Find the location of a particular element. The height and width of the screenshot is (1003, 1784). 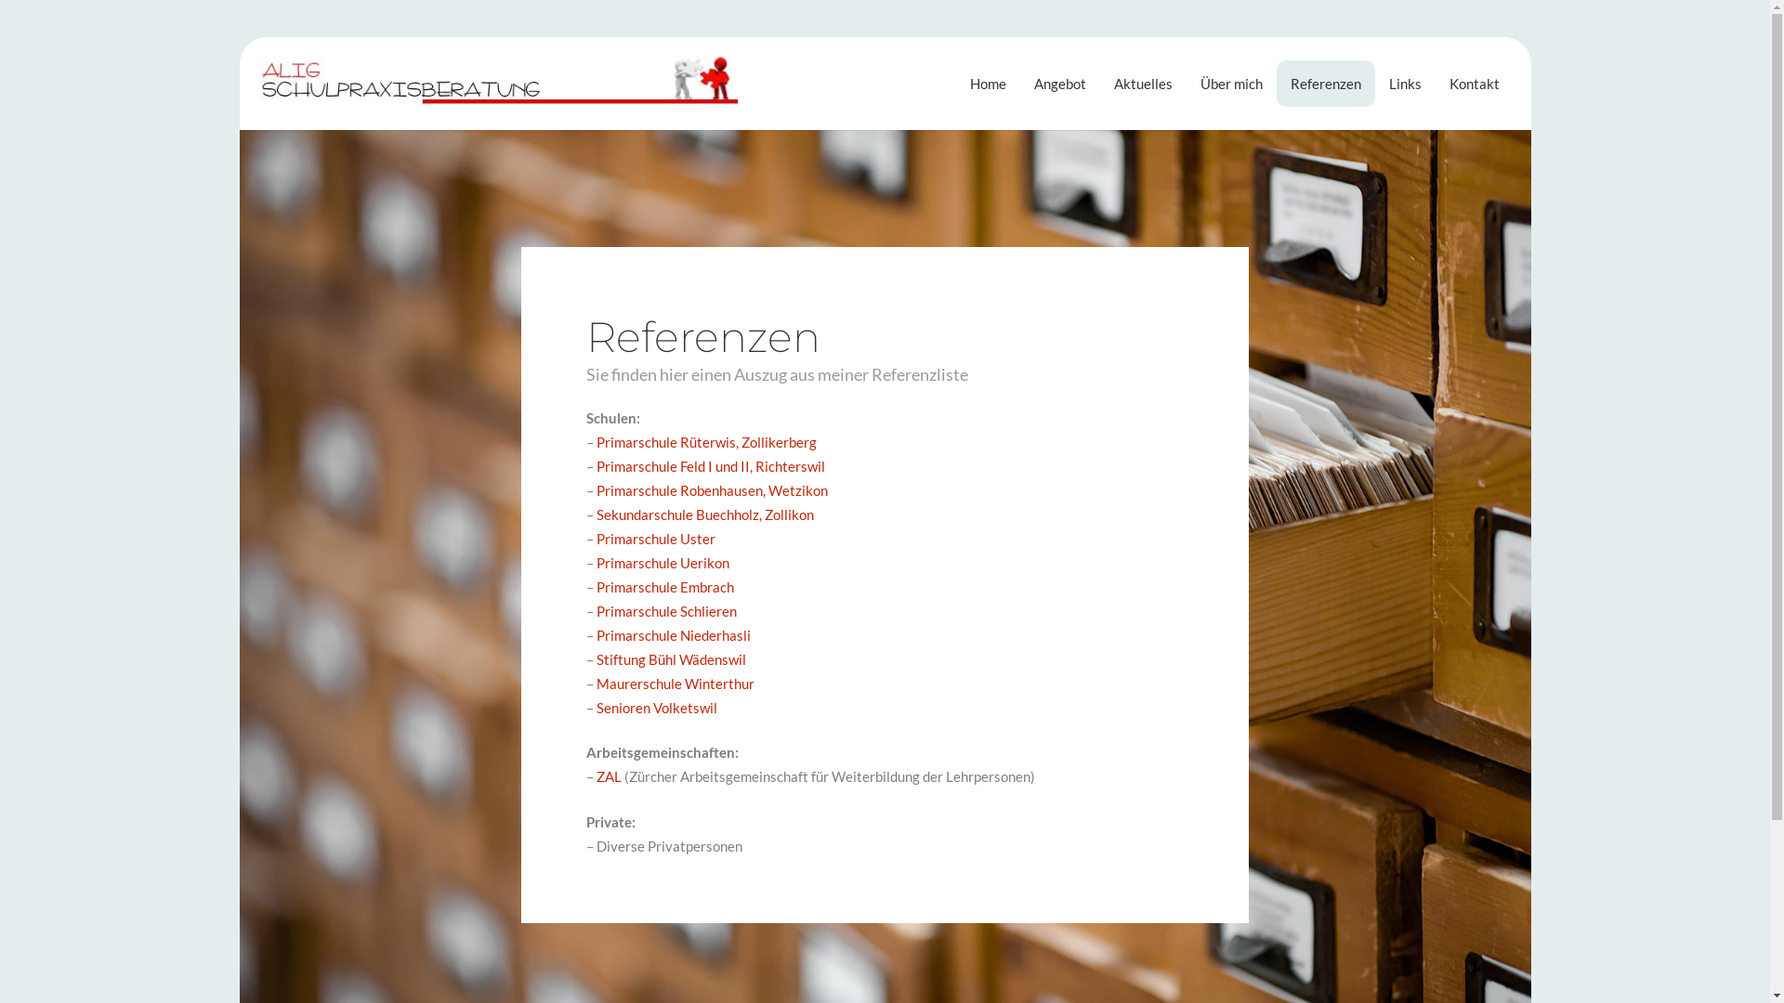

'Home' is located at coordinates (987, 82).